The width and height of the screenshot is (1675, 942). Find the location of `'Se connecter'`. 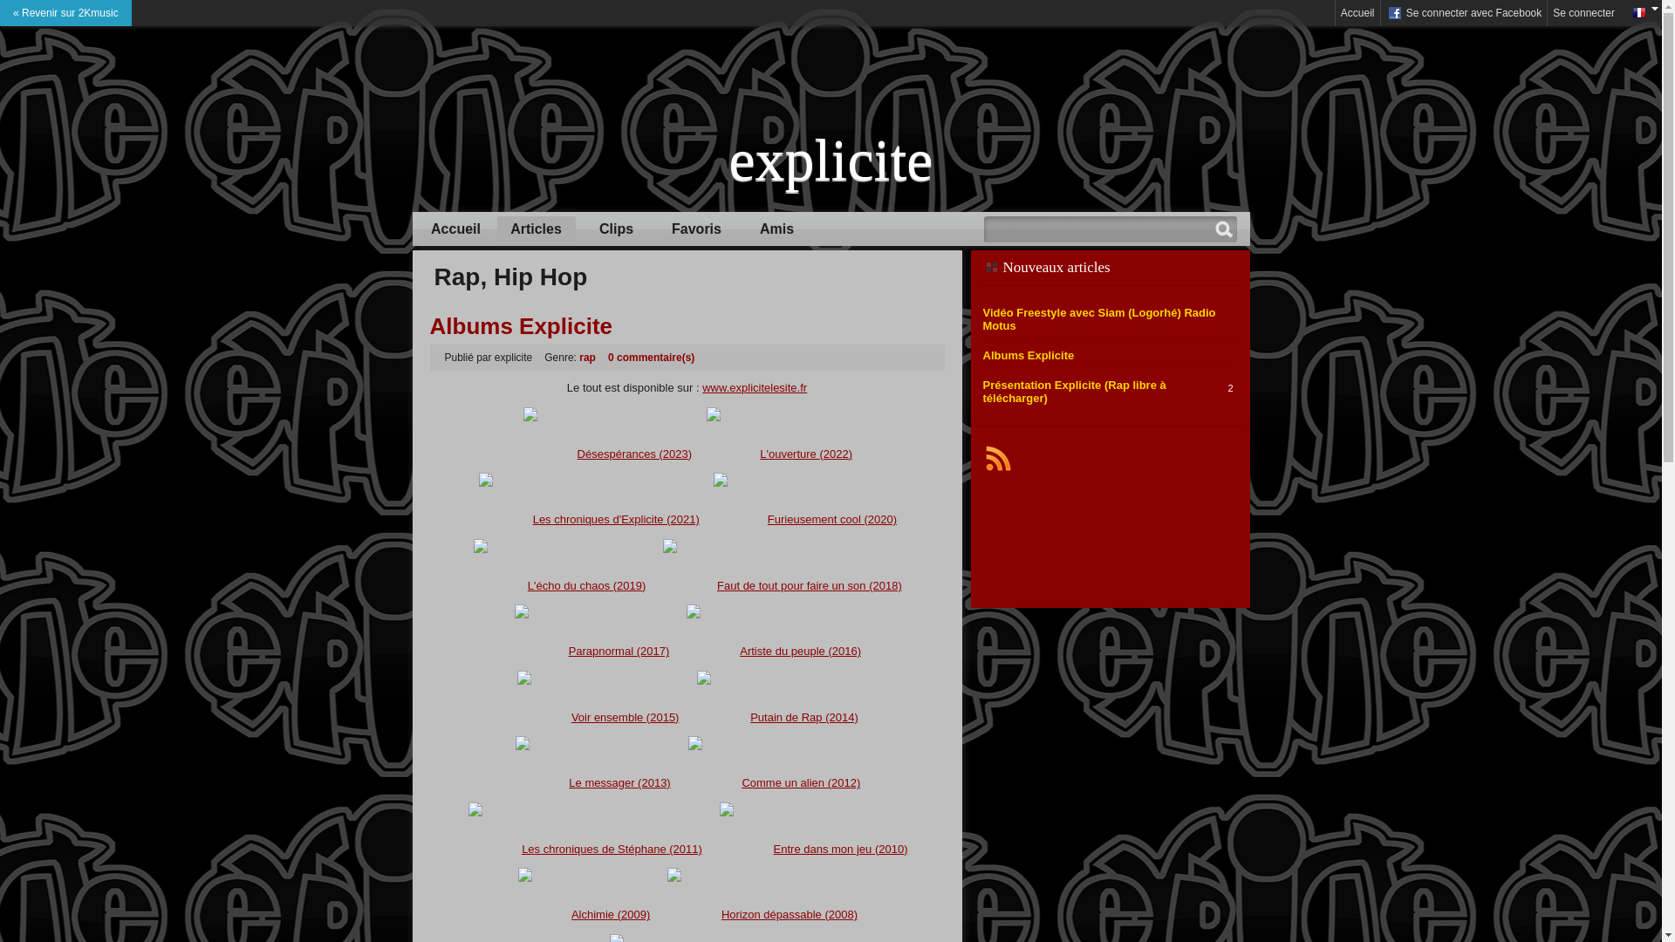

'Se connecter' is located at coordinates (1583, 13).